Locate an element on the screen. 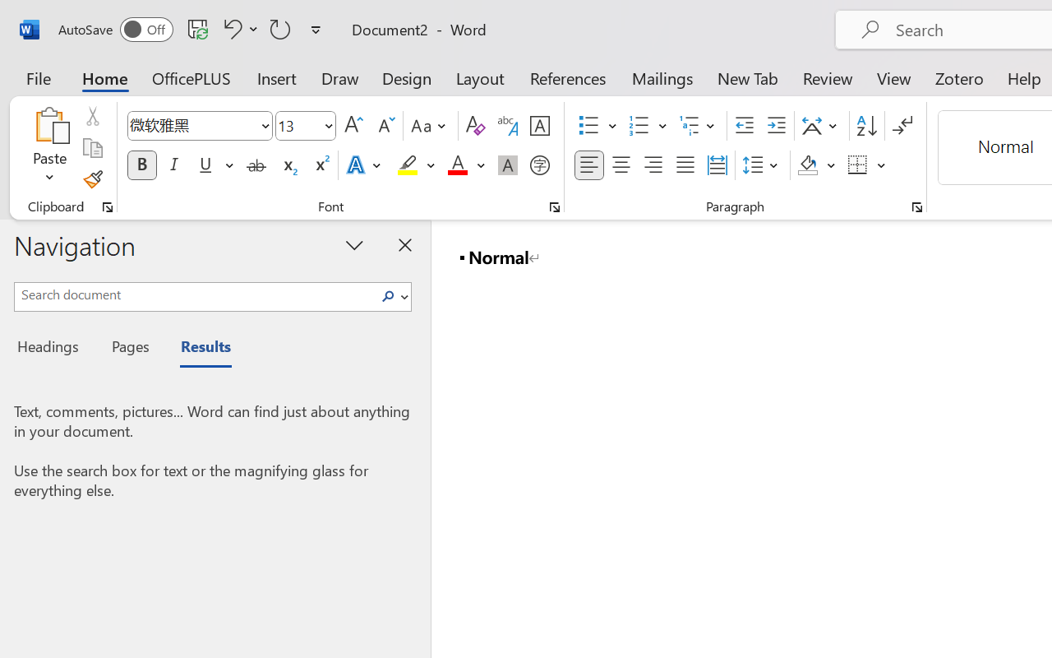 The width and height of the screenshot is (1052, 658). 'Font Color' is located at coordinates (465, 165).